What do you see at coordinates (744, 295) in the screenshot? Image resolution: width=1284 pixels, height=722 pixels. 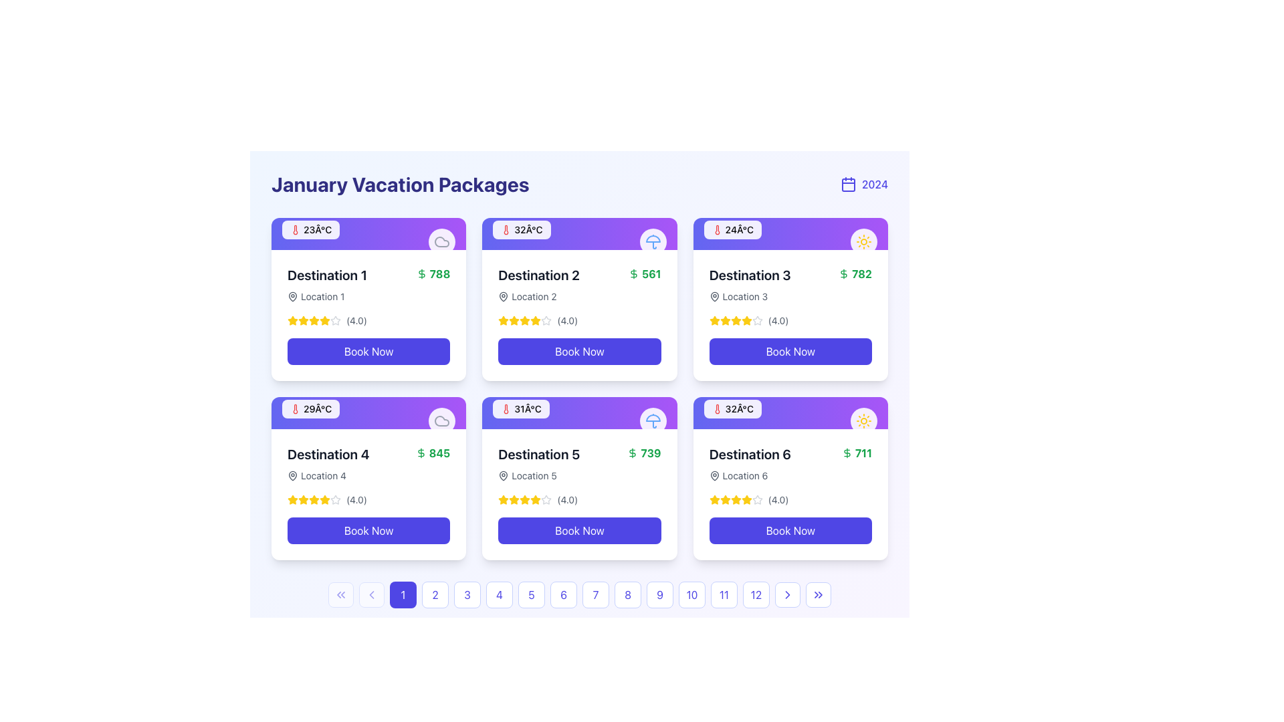 I see `the text label displaying 'Location 3', which is positioned below the title 'Destination 3' within the 'Destination 3' card` at bounding box center [744, 295].